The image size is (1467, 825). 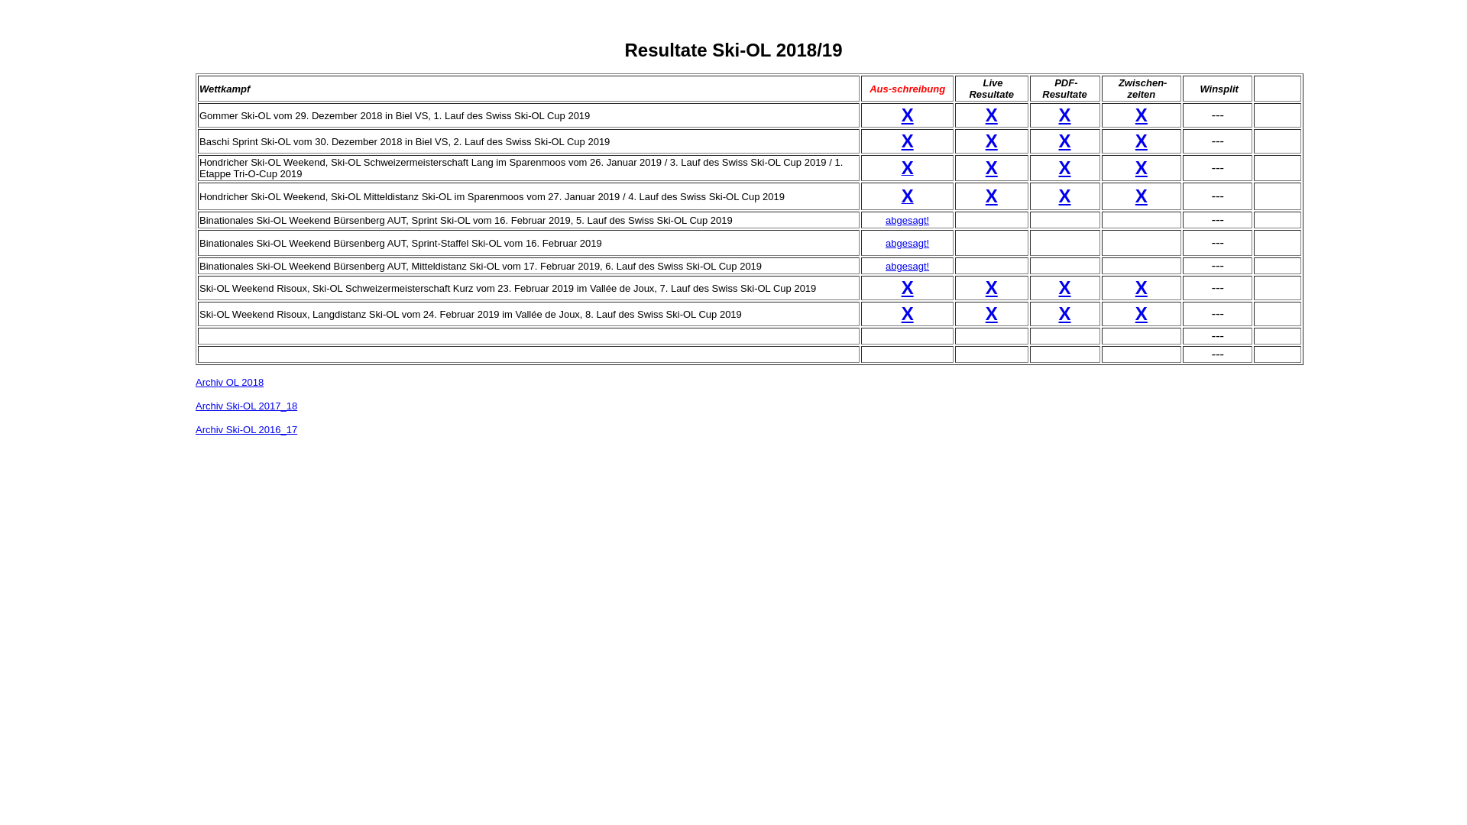 What do you see at coordinates (1141, 167) in the screenshot?
I see `'X'` at bounding box center [1141, 167].